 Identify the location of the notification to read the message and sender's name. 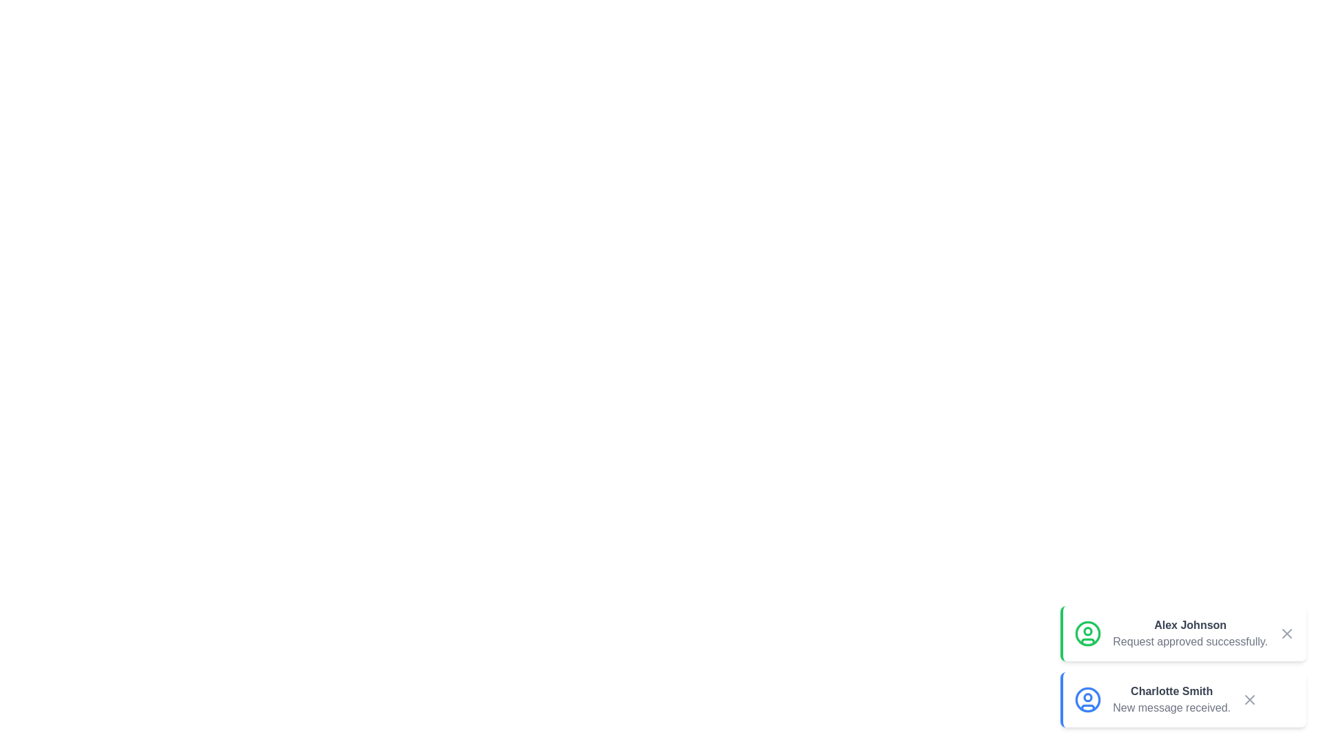
(1182, 634).